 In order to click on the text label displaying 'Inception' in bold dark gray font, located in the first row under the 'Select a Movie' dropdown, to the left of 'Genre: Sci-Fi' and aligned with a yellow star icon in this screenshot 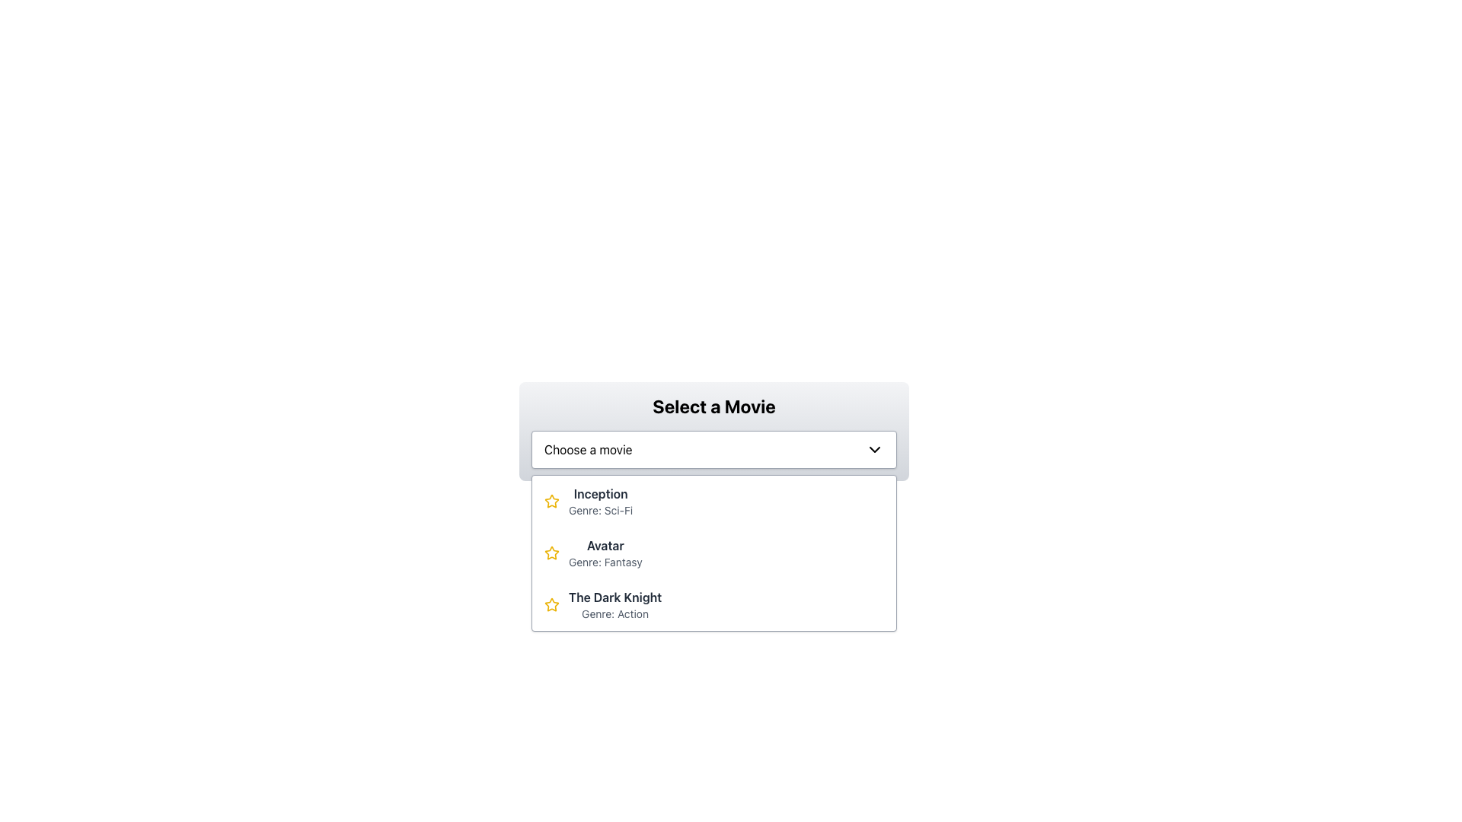, I will do `click(600, 493)`.